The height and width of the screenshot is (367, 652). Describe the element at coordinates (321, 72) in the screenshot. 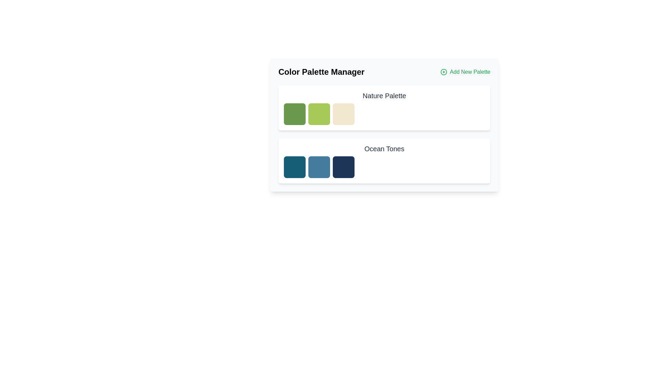

I see `the bold, large-sized text label reading 'Color Palette Manager', which is located at the top-left side of the panel and serves as the section title` at that location.